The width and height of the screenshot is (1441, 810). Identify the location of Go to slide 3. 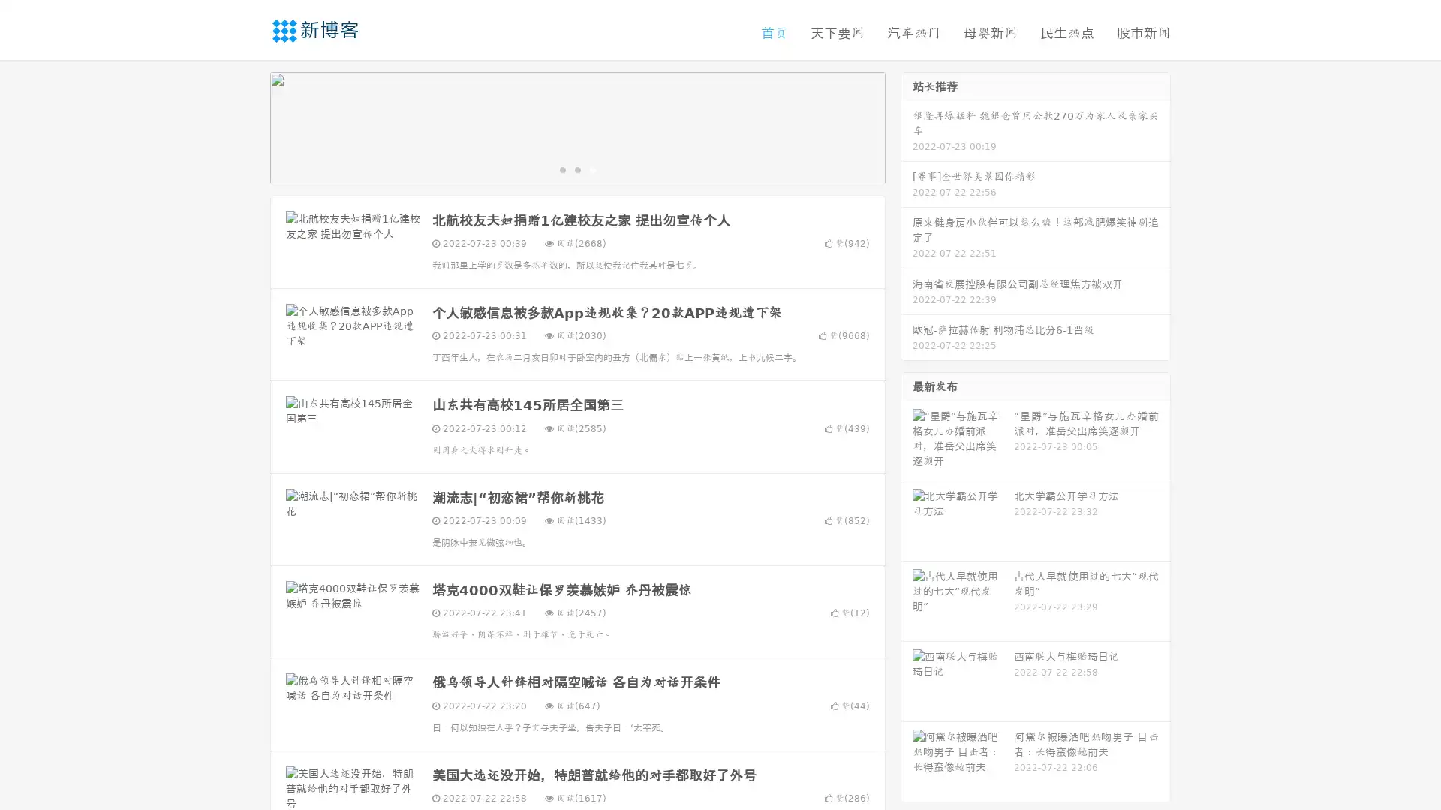
(592, 169).